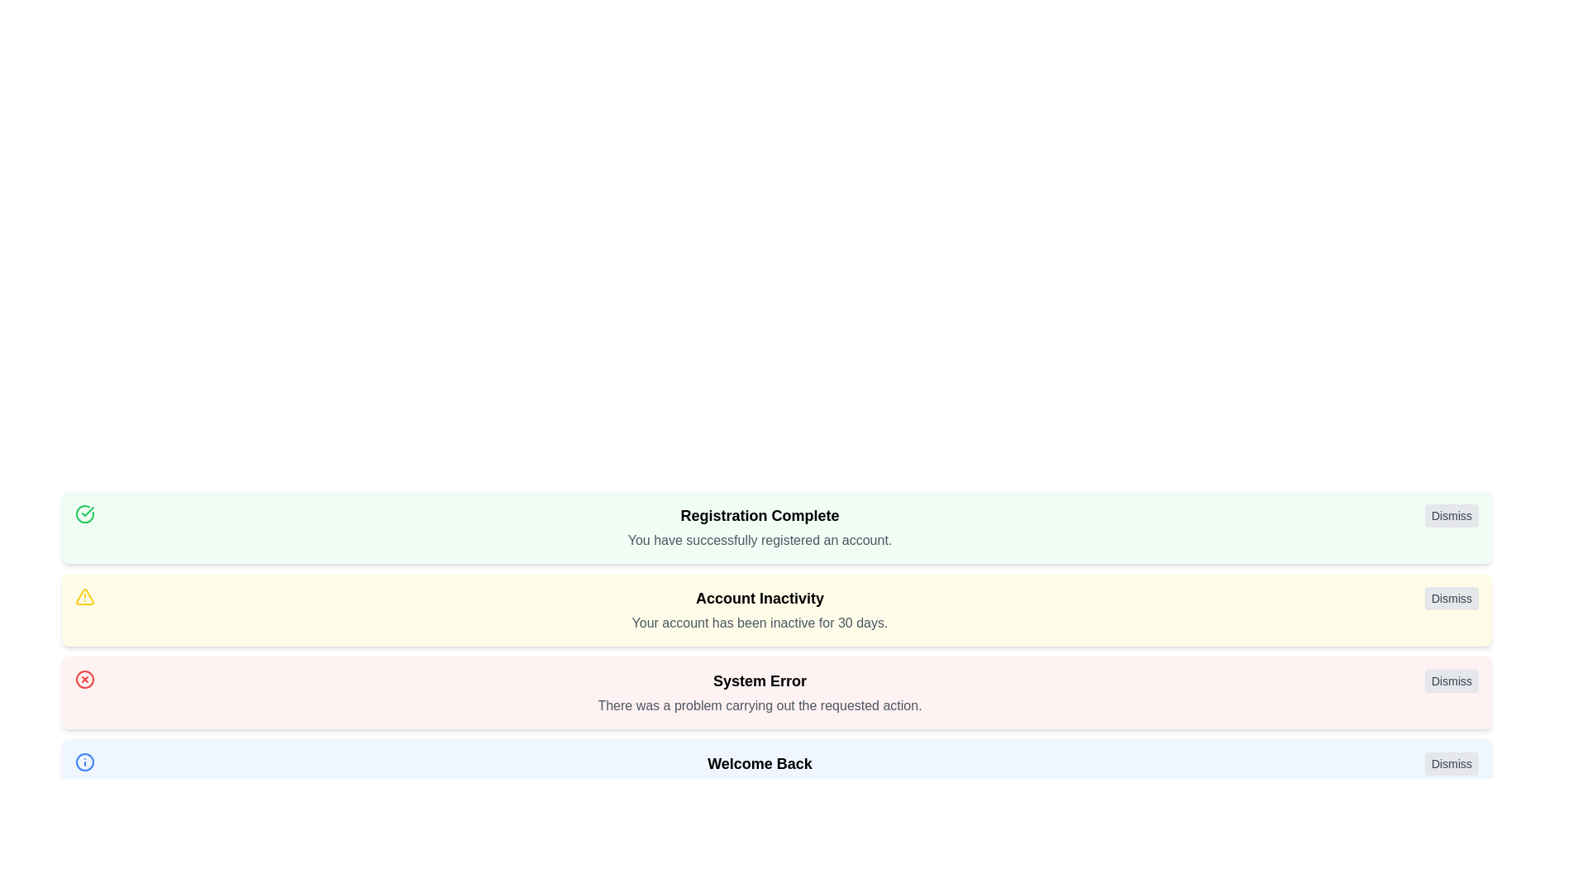  What do you see at coordinates (1451, 764) in the screenshot?
I see `the dismiss button located at the far right of the notification box` at bounding box center [1451, 764].